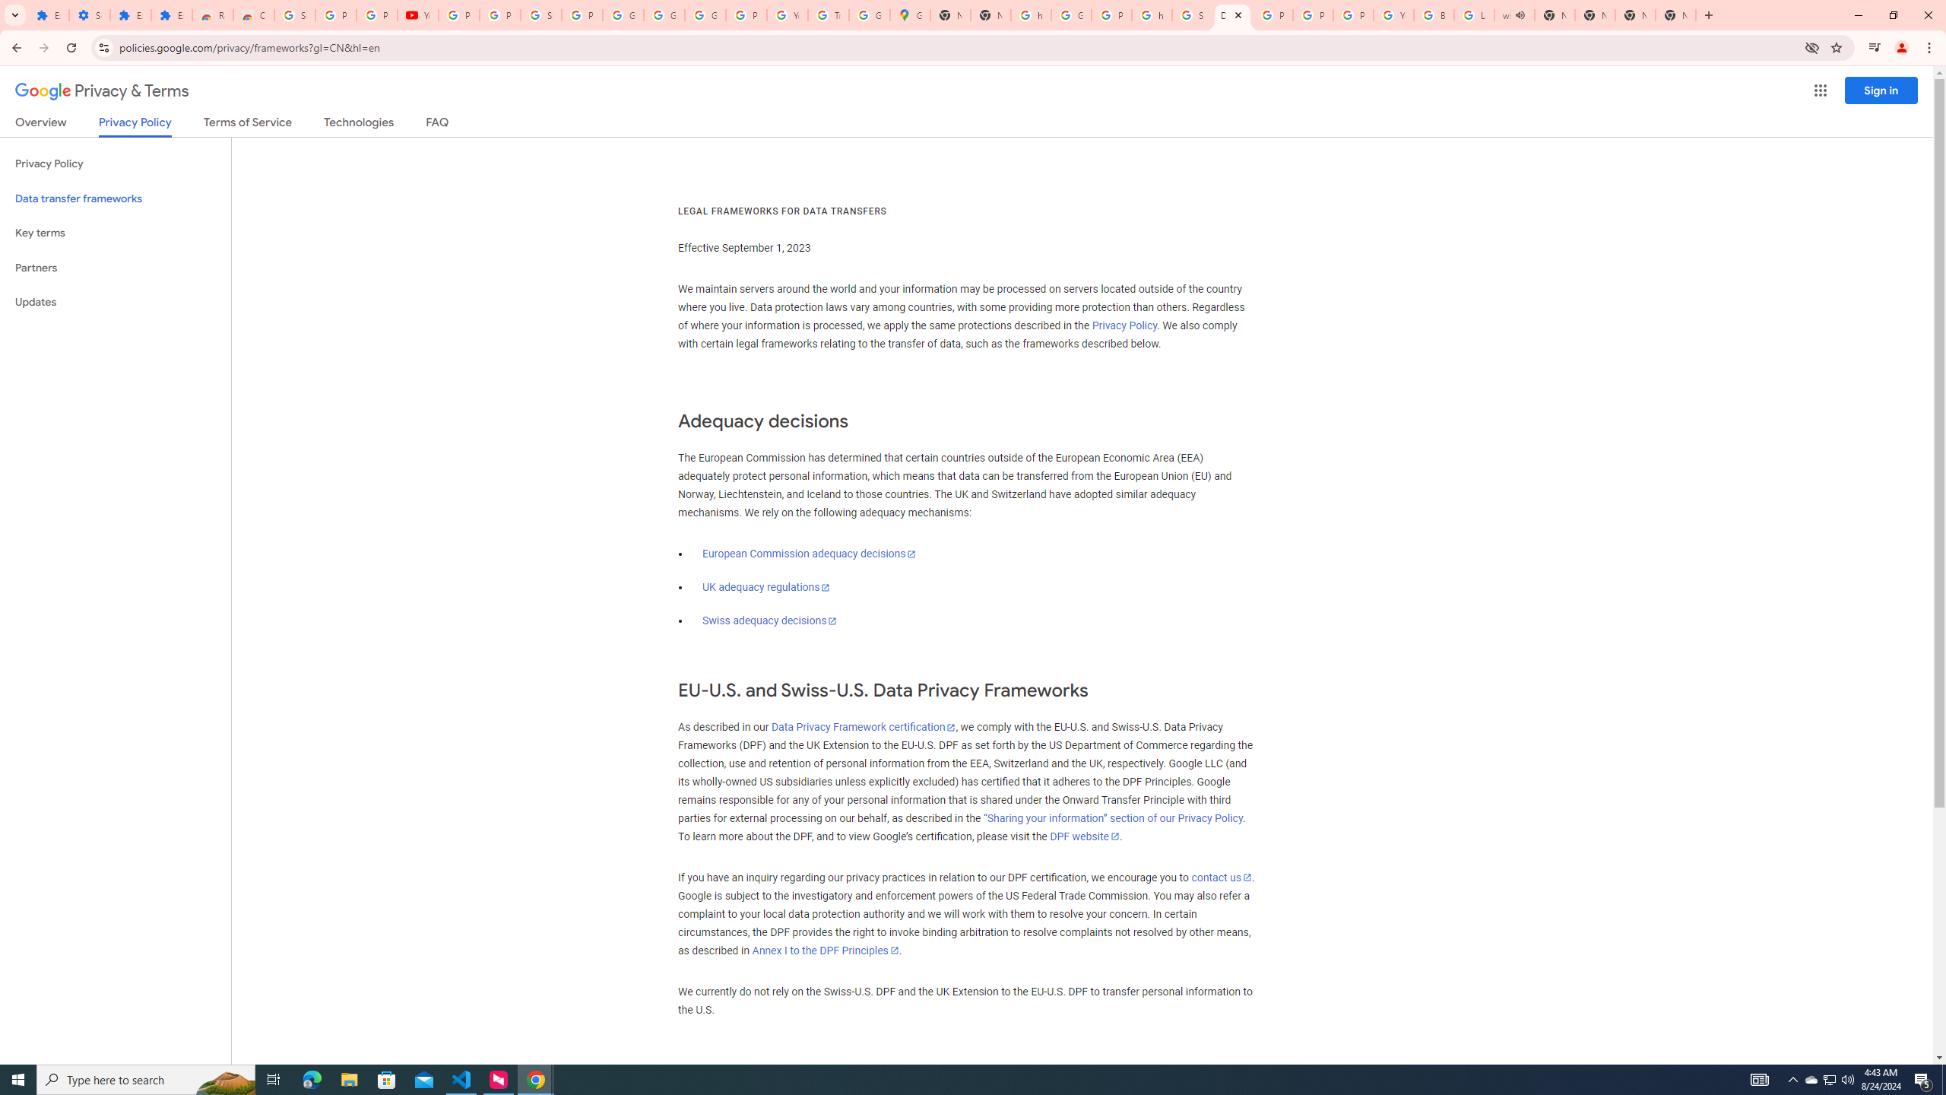  I want to click on 'Annex I to the DPF Principles', so click(824, 949).